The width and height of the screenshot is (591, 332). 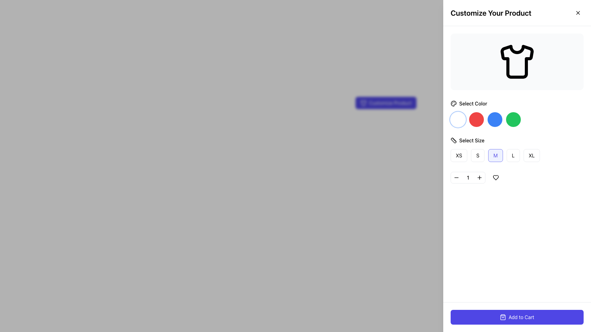 What do you see at coordinates (496, 155) in the screenshot?
I see `the 'Medium' size button located in the 'Select Size' section, which is the third button in a row of size selection buttons labeled 'XS', 'S', 'M', 'L', 'XL'` at bounding box center [496, 155].